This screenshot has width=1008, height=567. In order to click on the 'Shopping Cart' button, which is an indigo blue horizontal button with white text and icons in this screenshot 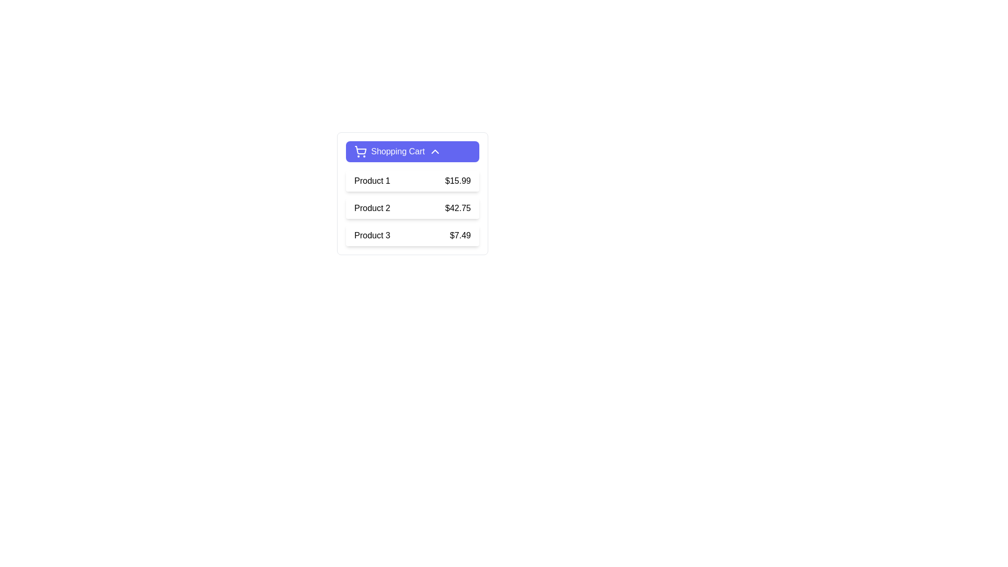, I will do `click(412, 152)`.